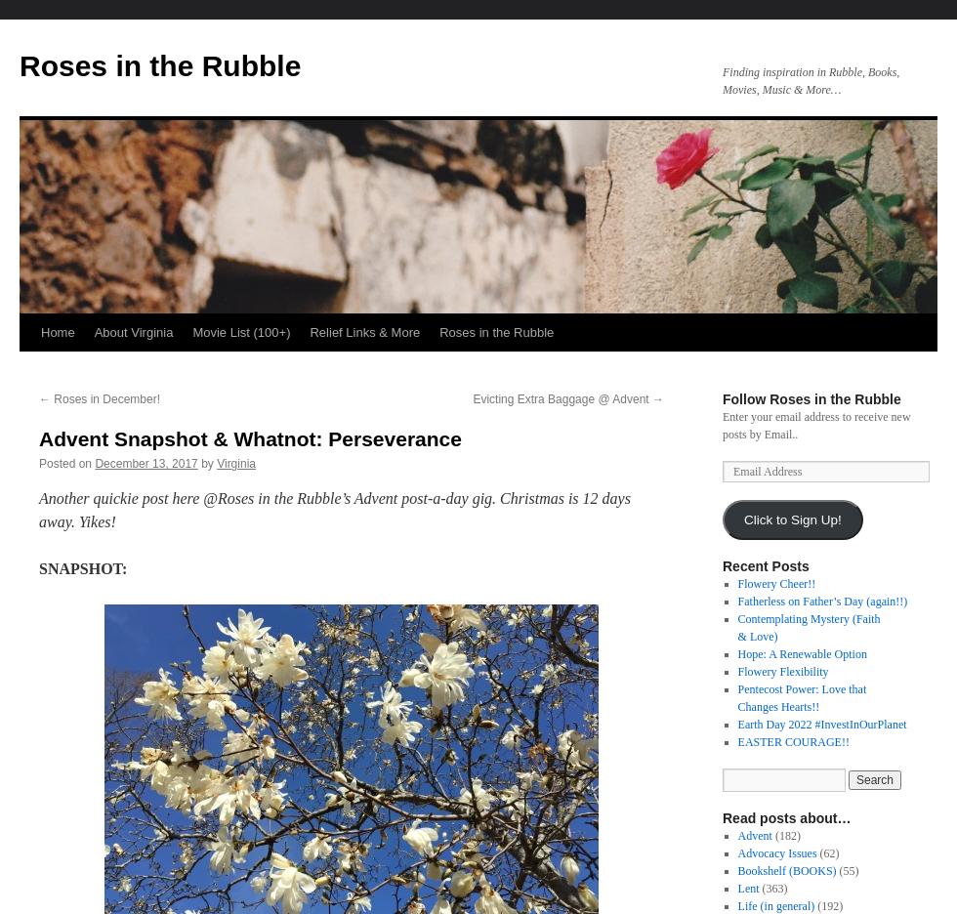 This screenshot has height=914, width=957. I want to click on 'Enter your email address to receive new posts by Email..', so click(816, 425).